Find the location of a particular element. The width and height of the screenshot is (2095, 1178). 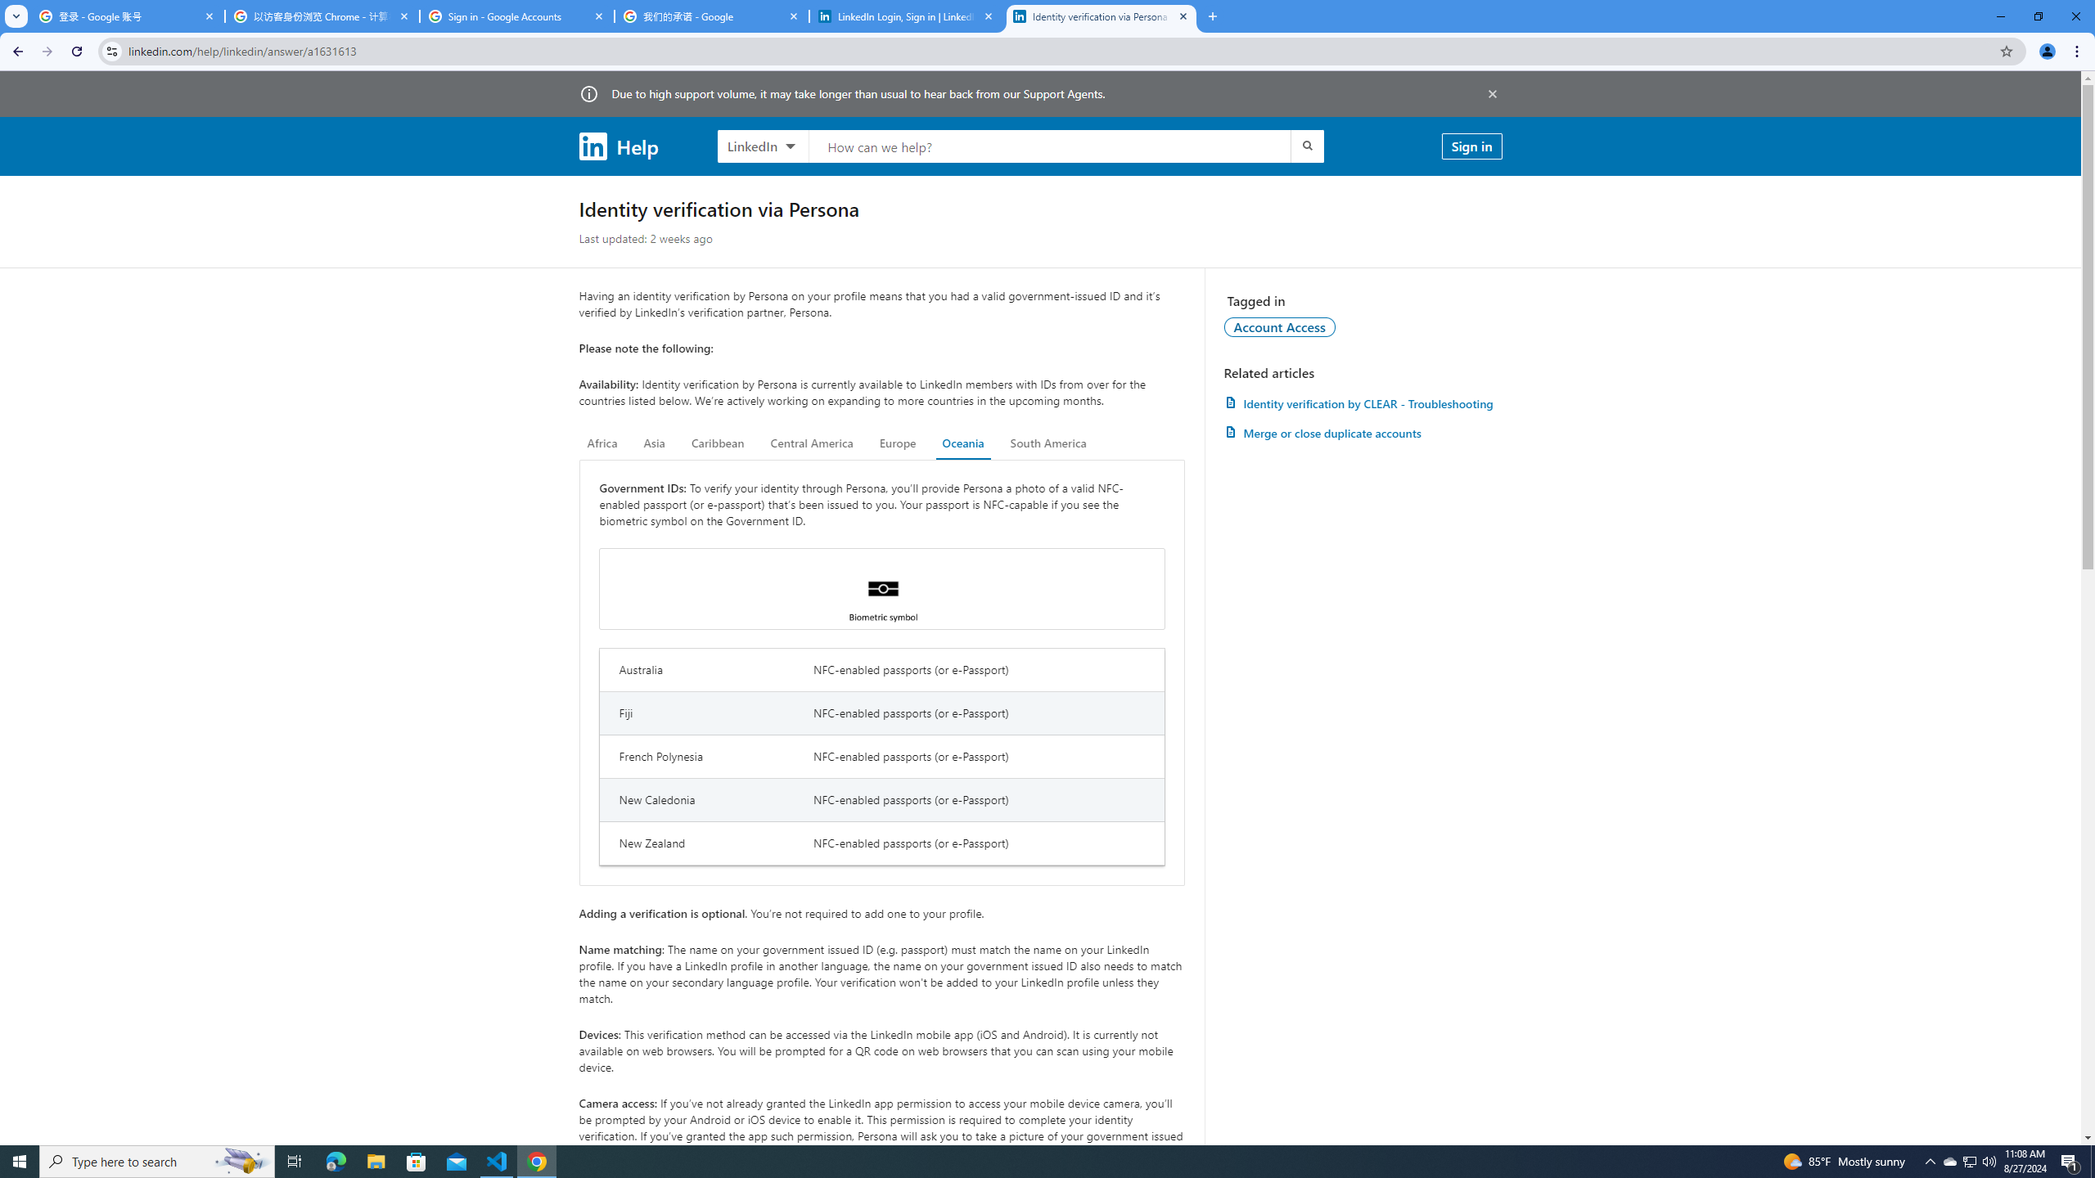

'LinkedIn Login, Sign in | LinkedIn' is located at coordinates (907, 16).